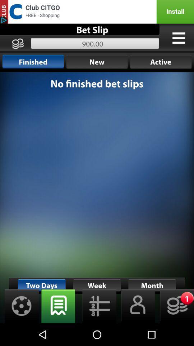  What do you see at coordinates (174, 306) in the screenshot?
I see `chips button` at bounding box center [174, 306].